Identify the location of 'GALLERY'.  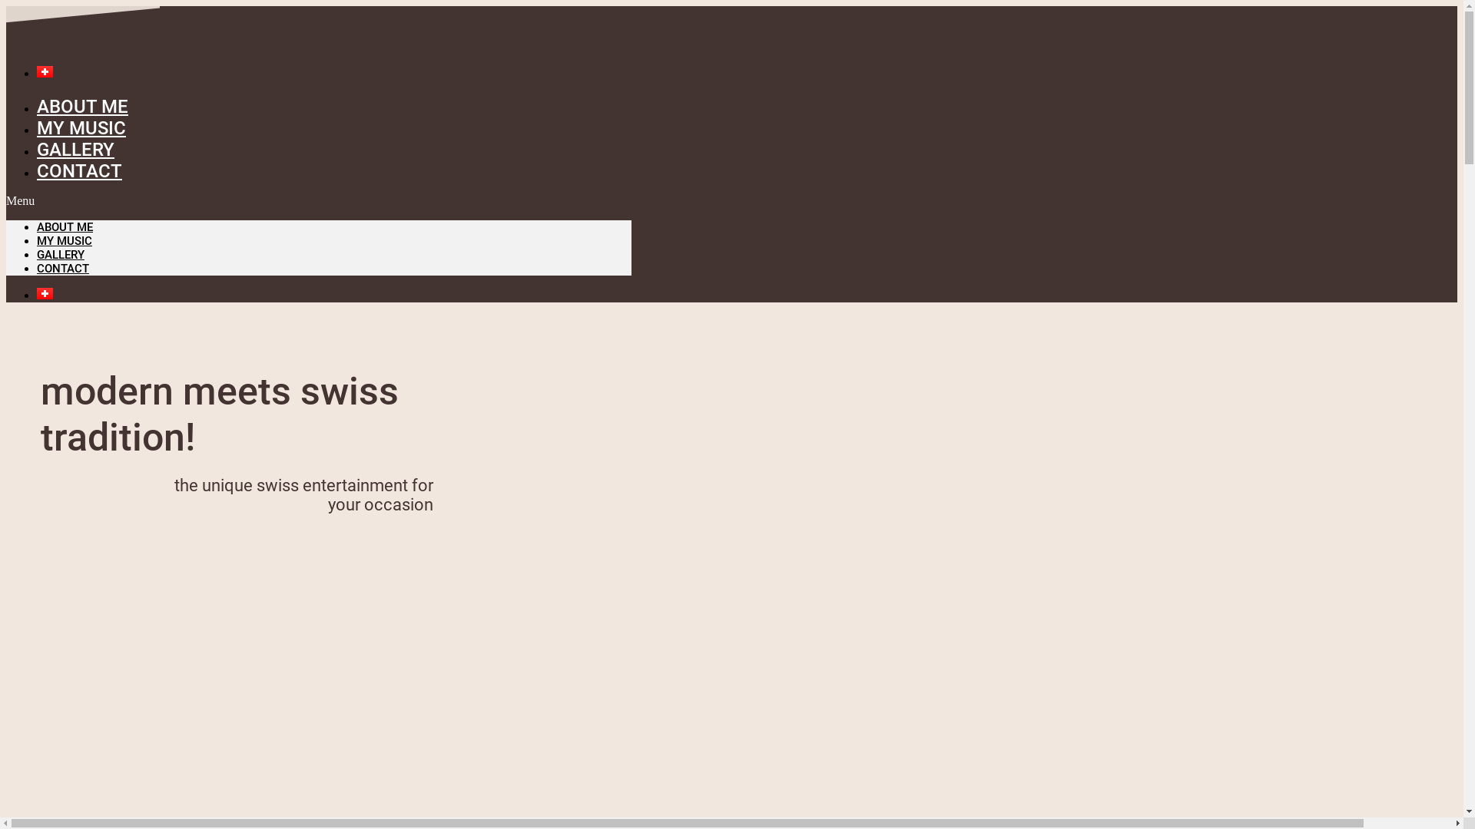
(60, 253).